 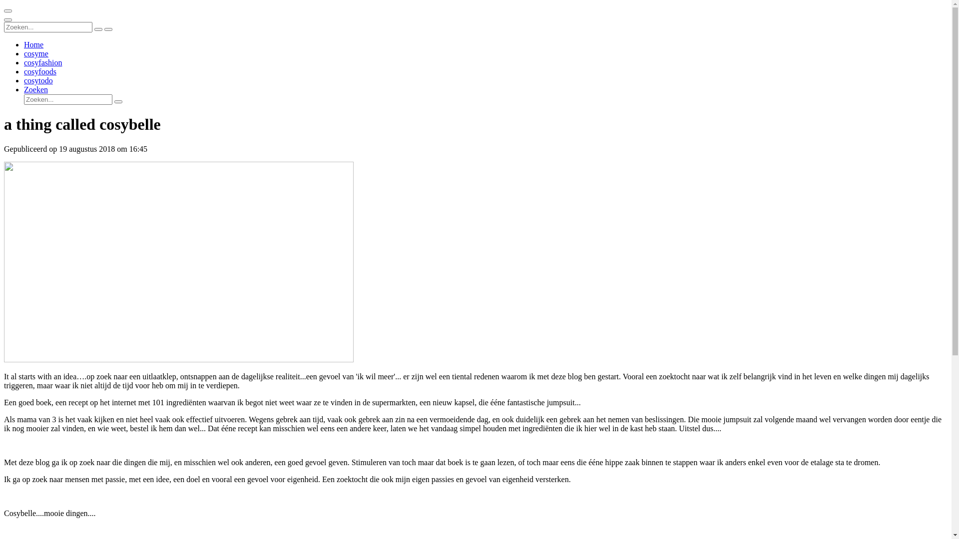 I want to click on 'cosyme', so click(x=36, y=53).